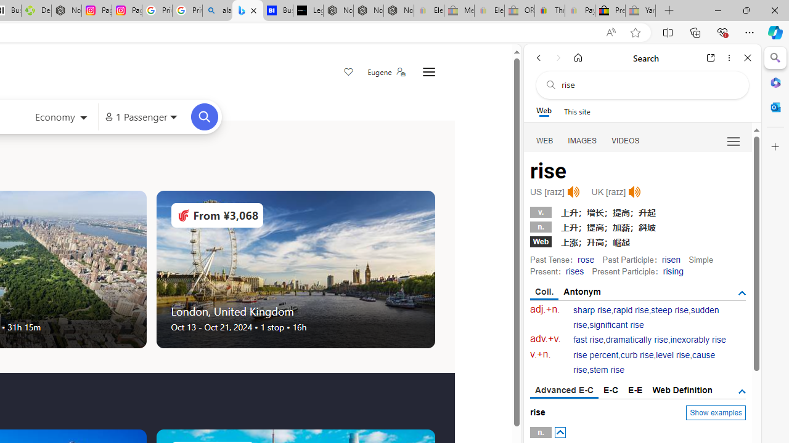 The image size is (789, 443). Describe the element at coordinates (611, 389) in the screenshot. I see `'E-C'` at that location.